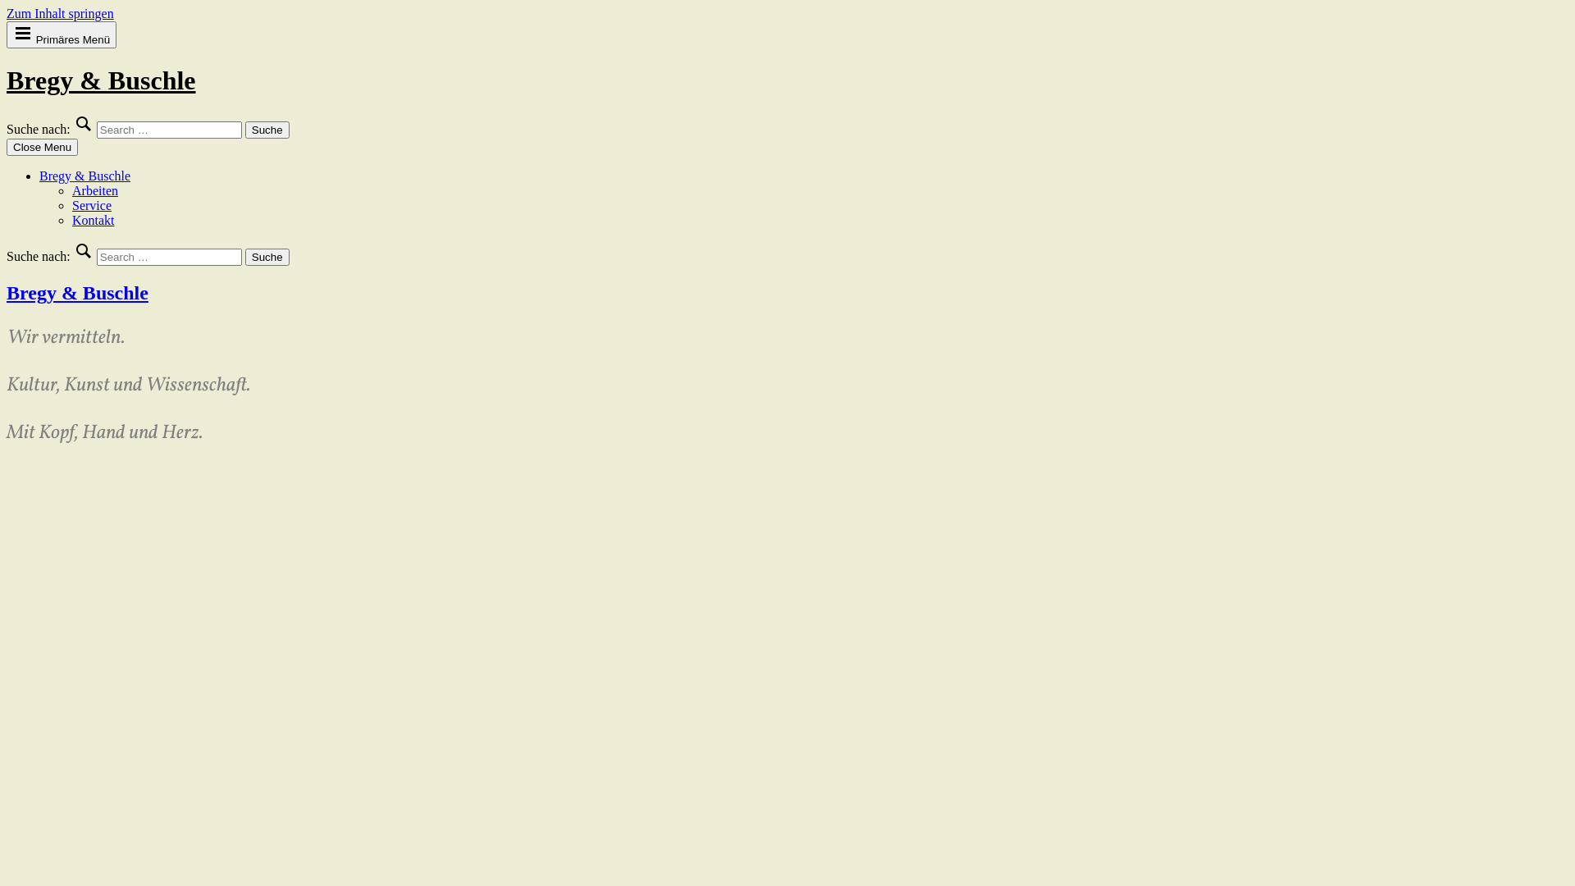 The height and width of the screenshot is (886, 1575). Describe the element at coordinates (94, 190) in the screenshot. I see `'Arbeiten'` at that location.